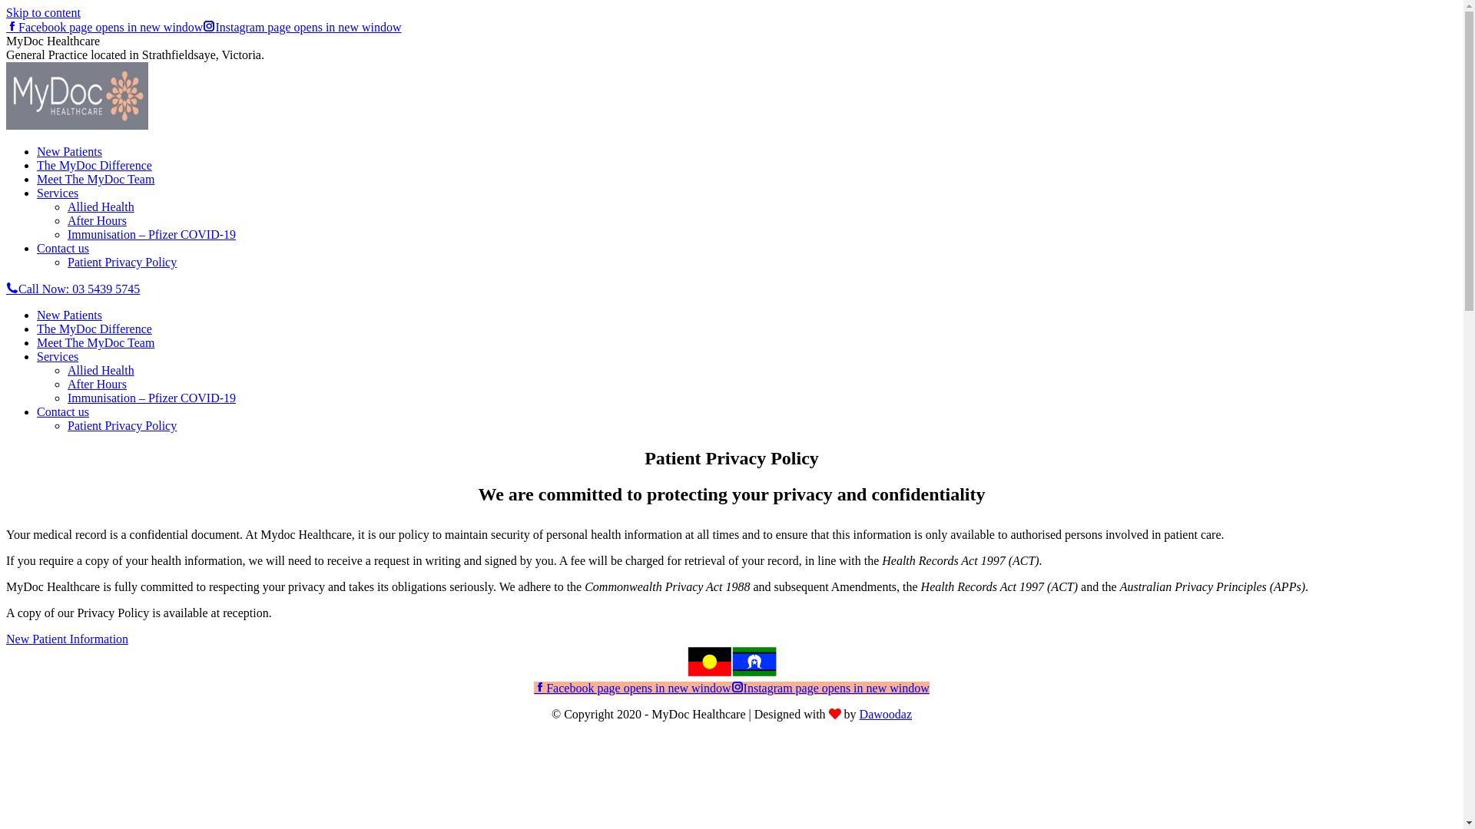  I want to click on 'Skip to content', so click(43, 12).